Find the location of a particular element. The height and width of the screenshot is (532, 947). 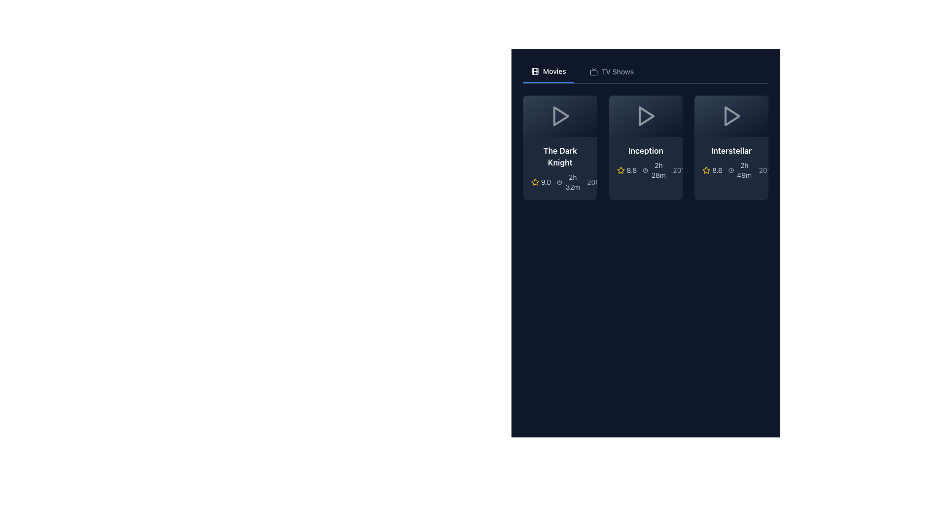

the triangular play button icon with a hollow outline and gradient effect located on the thumbnail of 'The Dark Knight' to play the media is located at coordinates (560, 116).